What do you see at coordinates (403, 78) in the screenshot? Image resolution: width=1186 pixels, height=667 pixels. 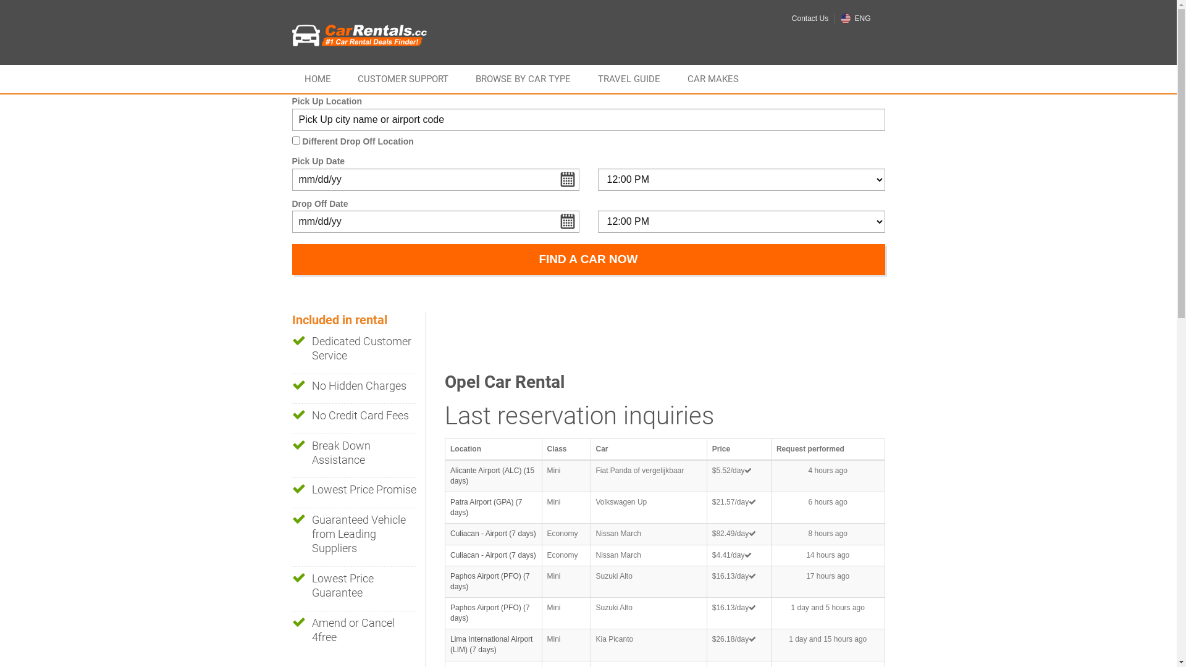 I see `'CUSTOMER SUPPORT'` at bounding box center [403, 78].